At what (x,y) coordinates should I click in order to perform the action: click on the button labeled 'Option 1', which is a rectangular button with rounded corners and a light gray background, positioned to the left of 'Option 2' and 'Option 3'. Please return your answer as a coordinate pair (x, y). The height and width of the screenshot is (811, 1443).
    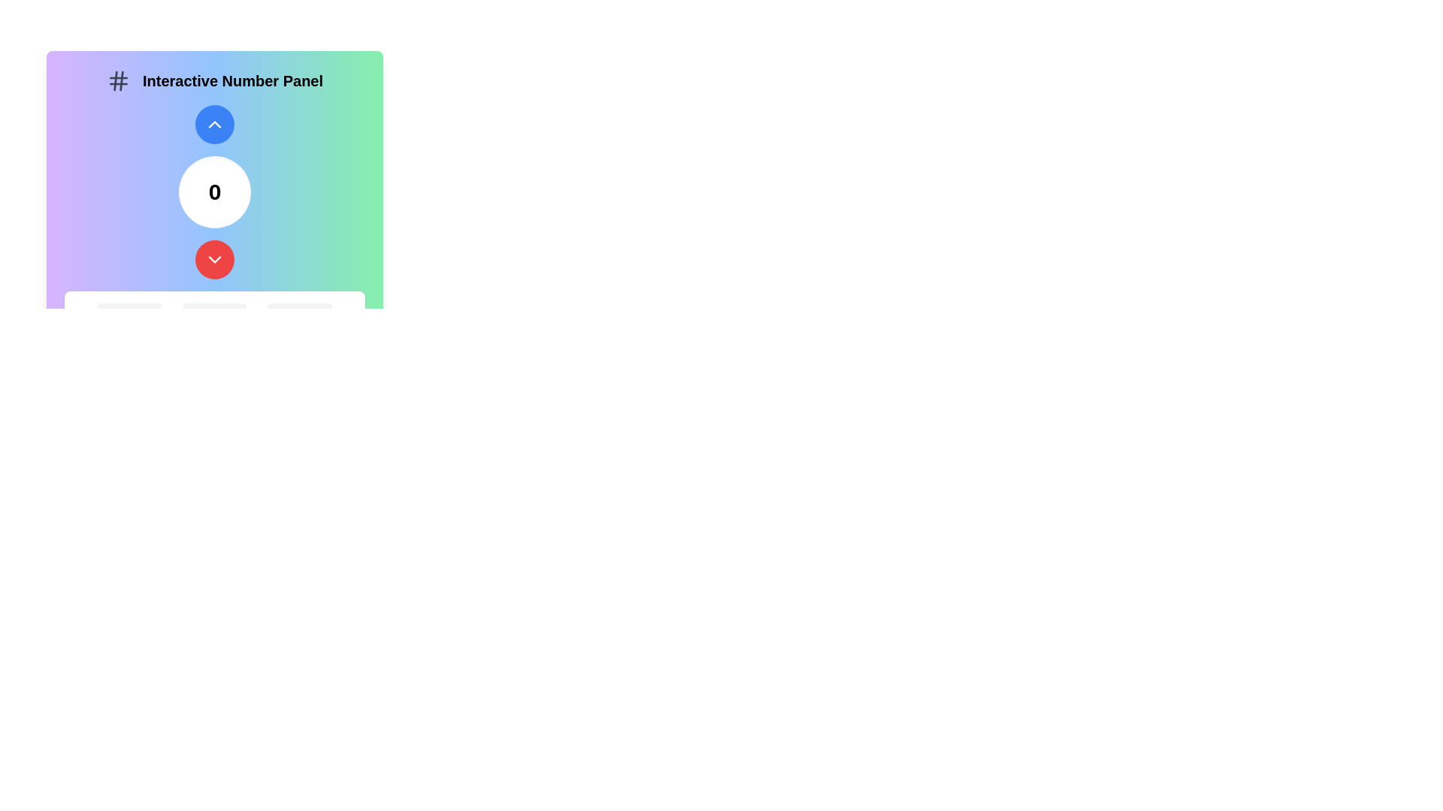
    Looking at the image, I should click on (129, 315).